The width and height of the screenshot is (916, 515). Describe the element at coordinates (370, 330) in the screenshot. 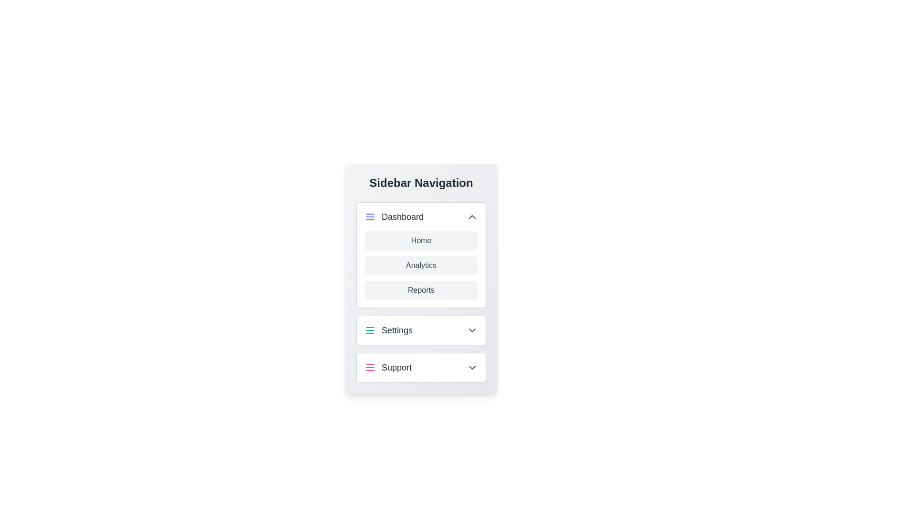

I see `the Settings icon located in the sidebar navigation menu, positioned to the left of the 'Settings' section title` at that location.